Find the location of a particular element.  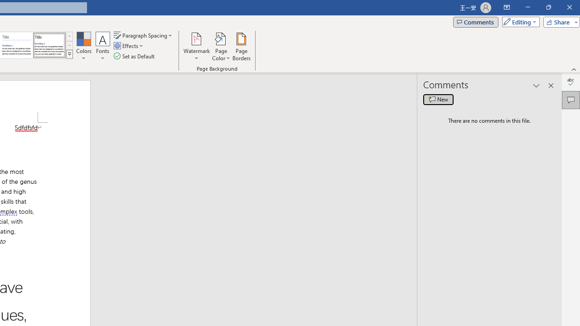

'Effects' is located at coordinates (129, 46).